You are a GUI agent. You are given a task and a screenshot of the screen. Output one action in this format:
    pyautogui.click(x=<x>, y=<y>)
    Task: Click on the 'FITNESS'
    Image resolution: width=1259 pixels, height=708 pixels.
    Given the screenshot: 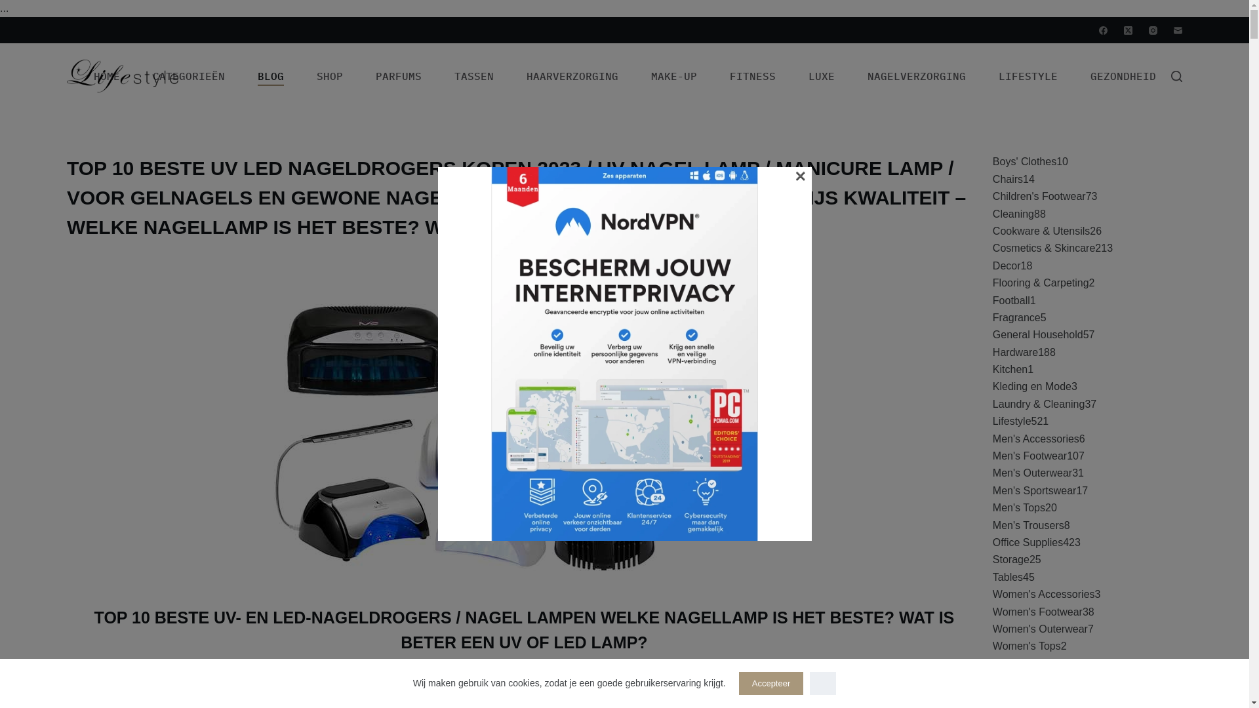 What is the action you would take?
    pyautogui.click(x=713, y=75)
    